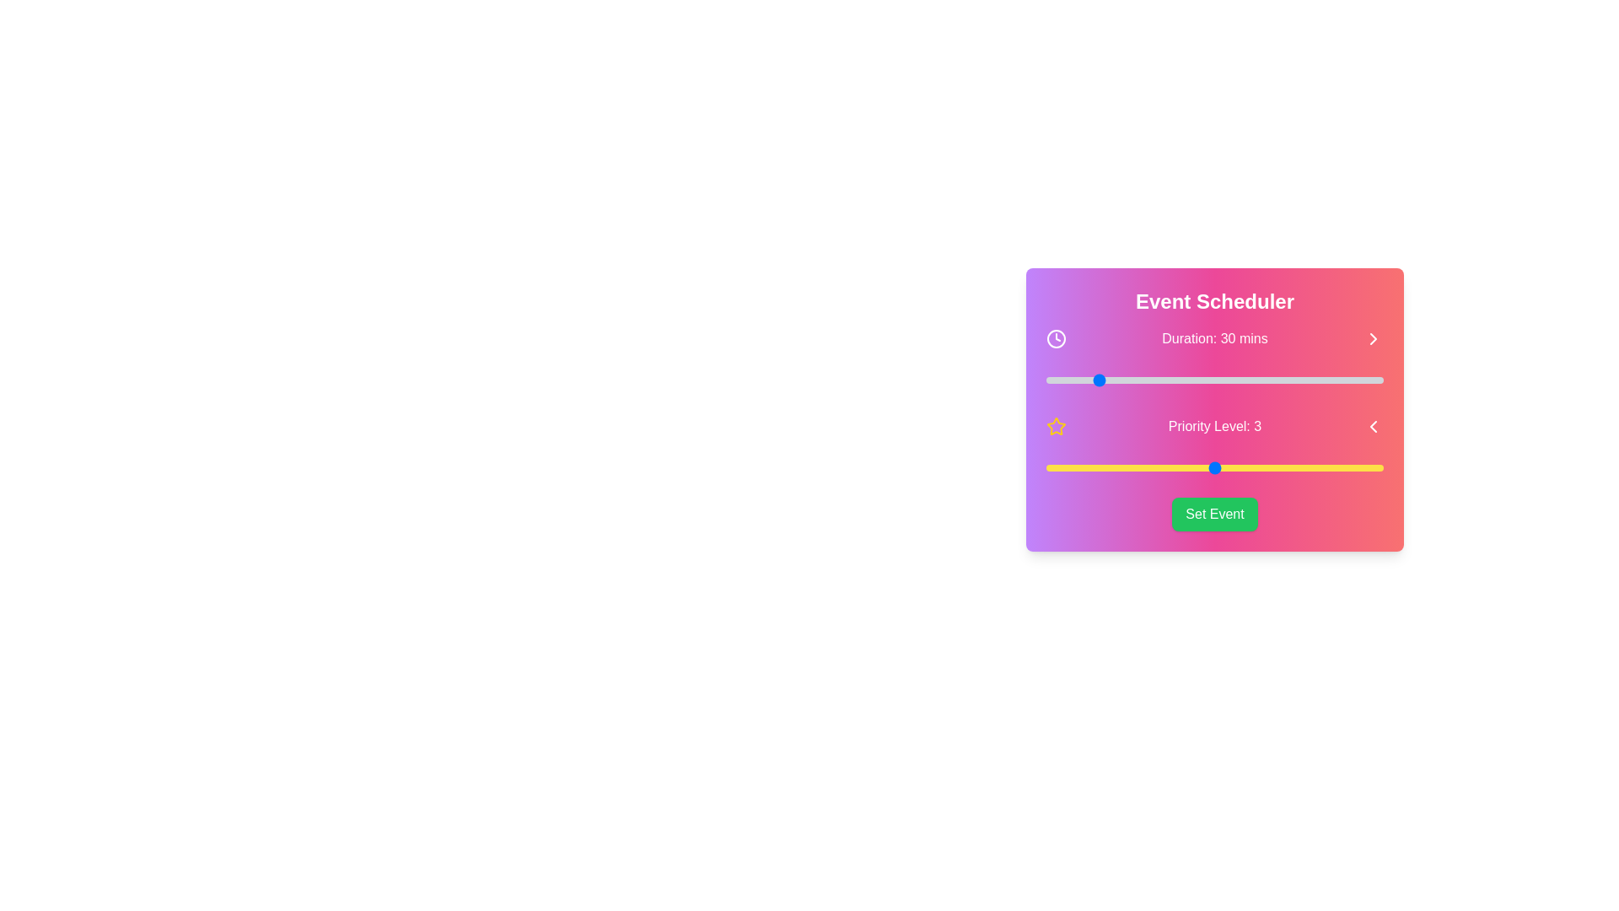  I want to click on the confirm button located at the bottom of the 'Event Scheduler' card, so click(1214, 513).